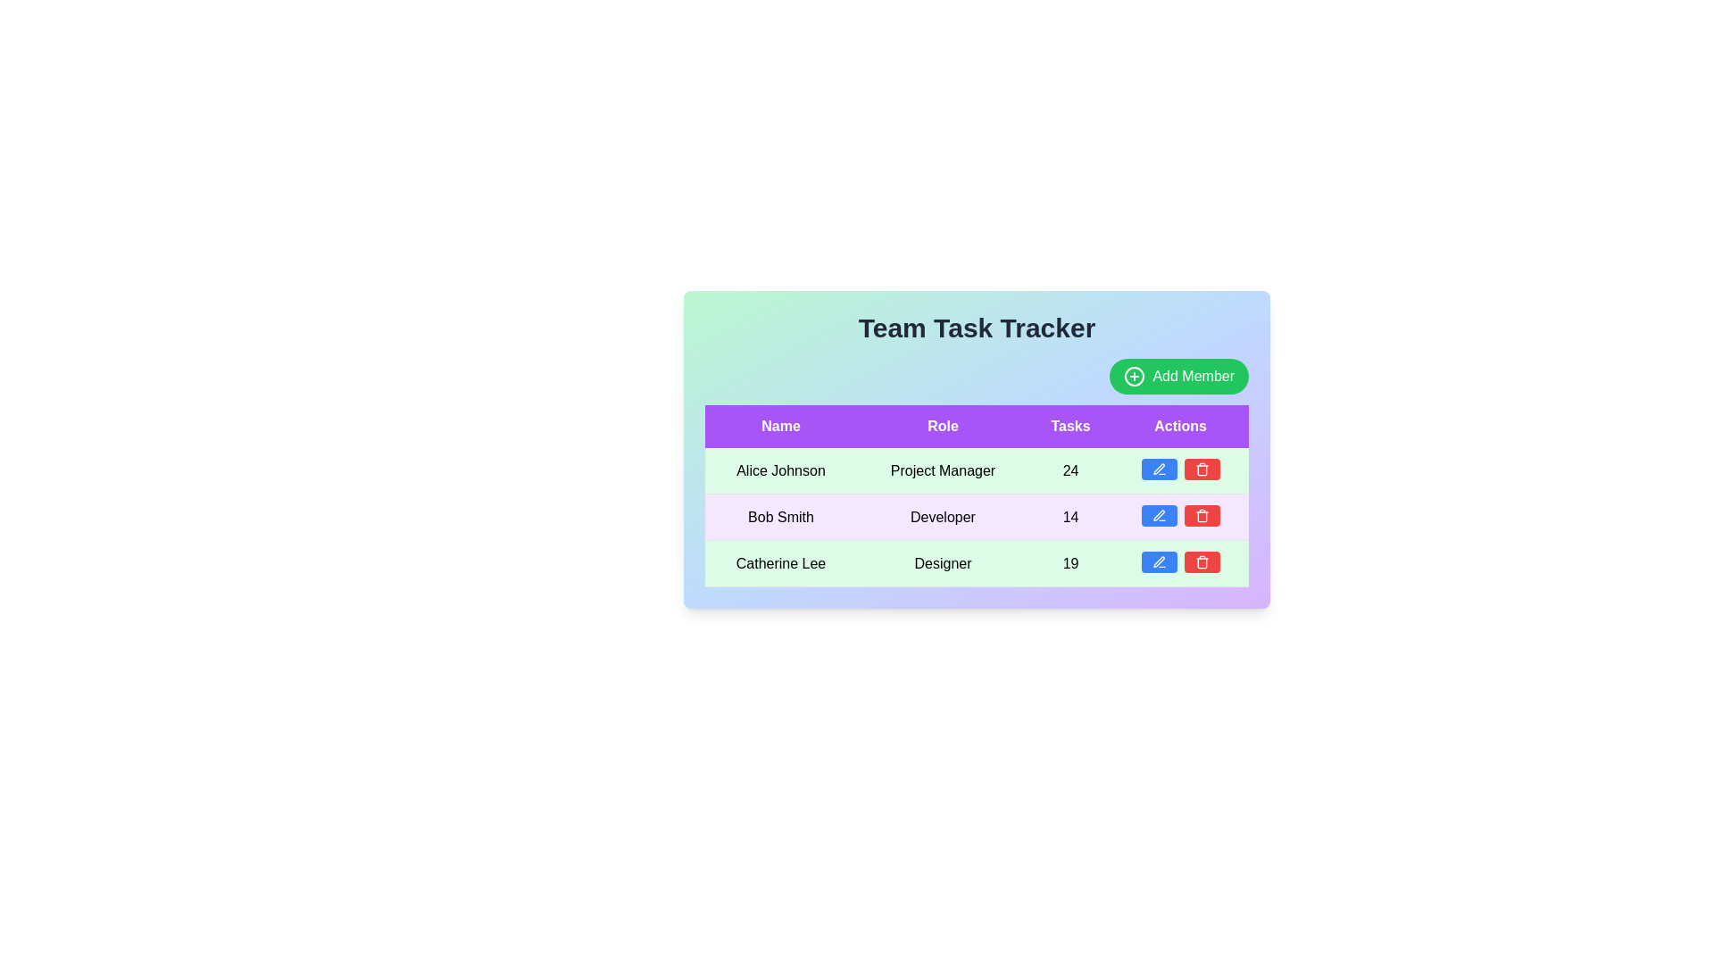 This screenshot has width=1714, height=964. Describe the element at coordinates (1178, 375) in the screenshot. I see `'Add Member' button to initiate the process of adding a new team member` at that location.